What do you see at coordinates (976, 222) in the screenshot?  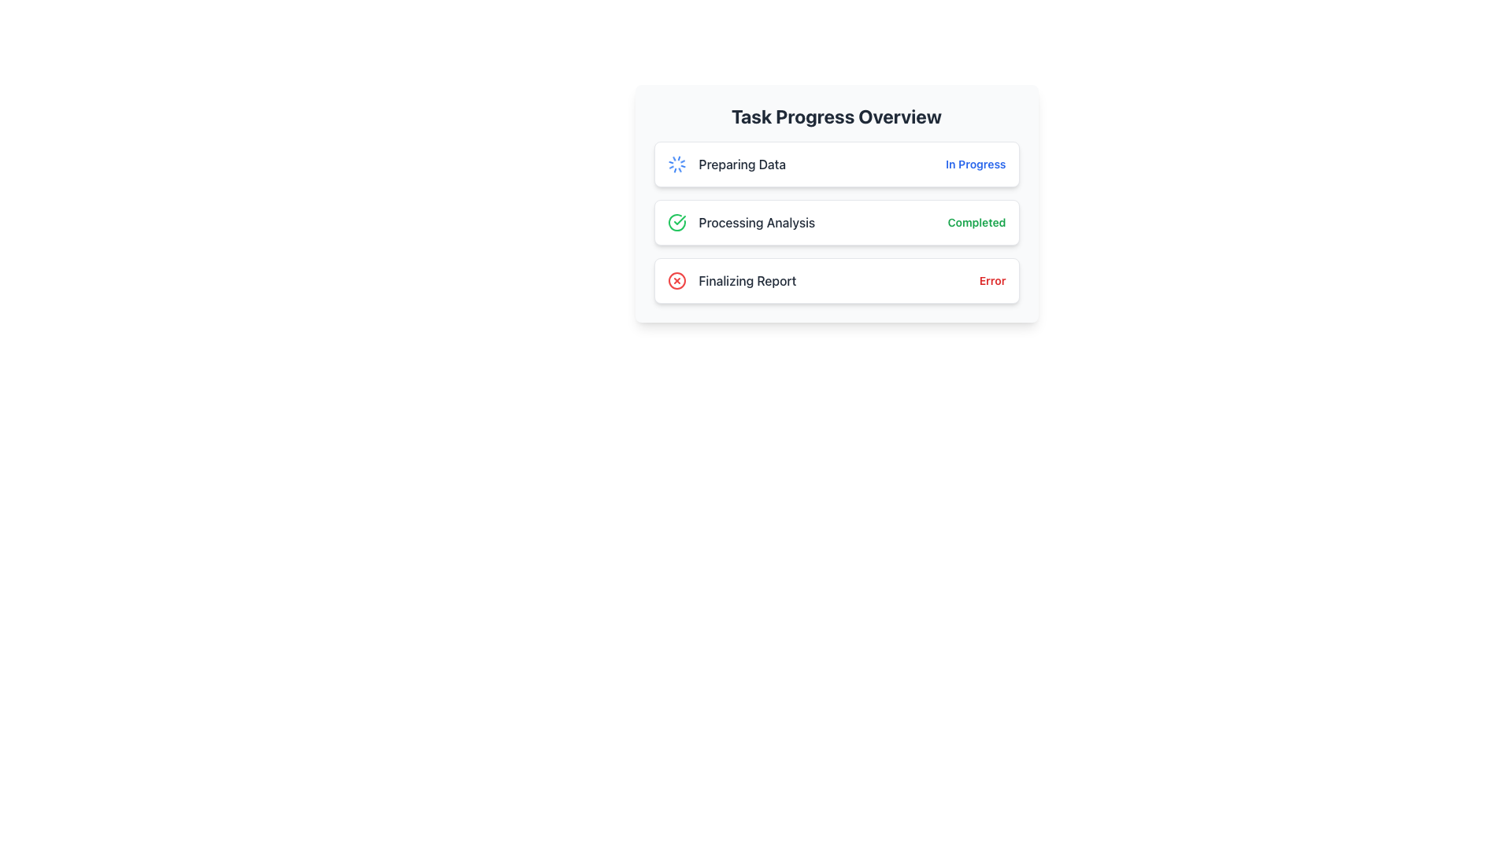 I see `text element labeled 'Completed' which is formatted in green color, semibold, and small font size, located in the right section of the card containing 'Processing Analysis'` at bounding box center [976, 222].